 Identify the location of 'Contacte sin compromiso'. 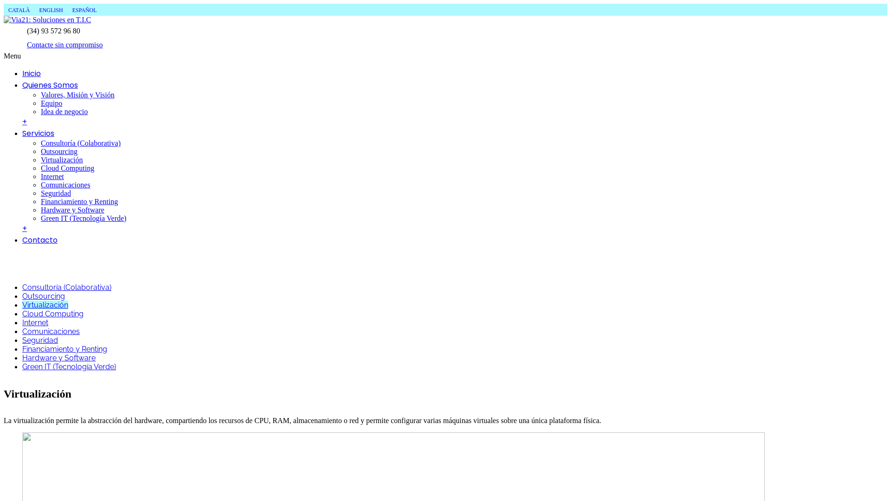
(64, 45).